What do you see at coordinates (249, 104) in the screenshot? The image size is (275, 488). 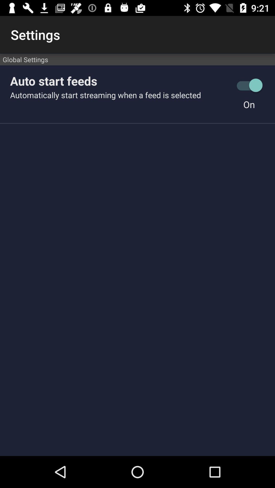 I see `the on` at bounding box center [249, 104].